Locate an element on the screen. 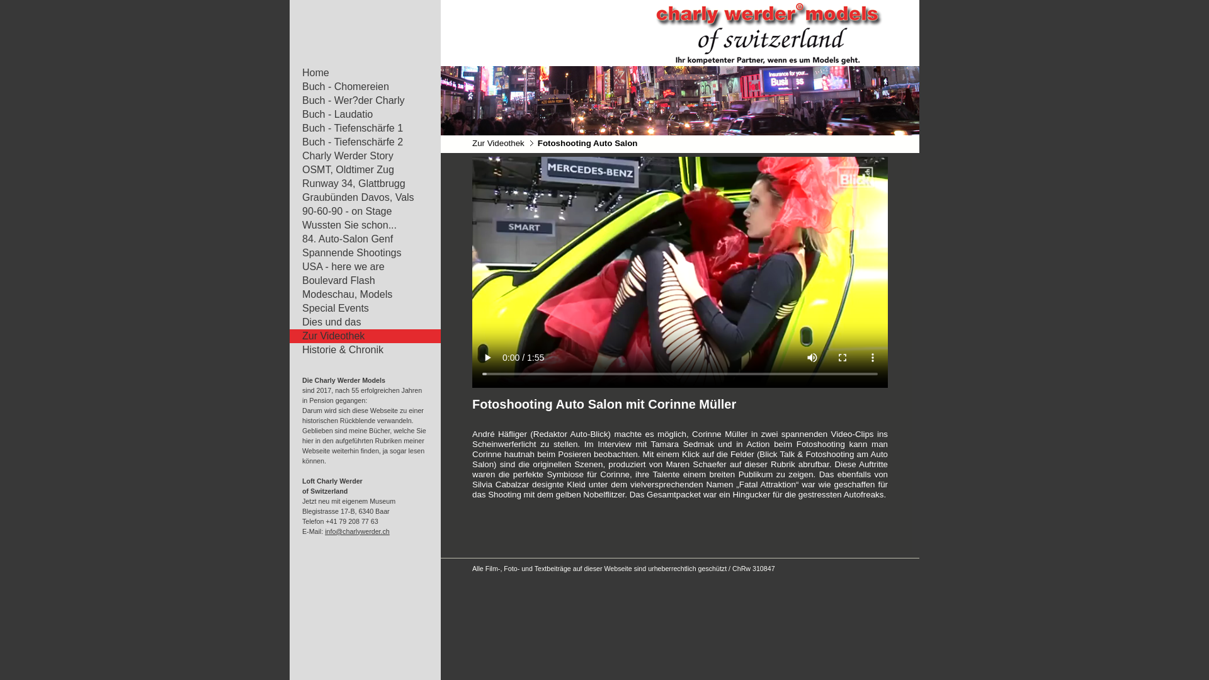 The width and height of the screenshot is (1209, 680). 'Historie & Chronik' is located at coordinates (358, 349).